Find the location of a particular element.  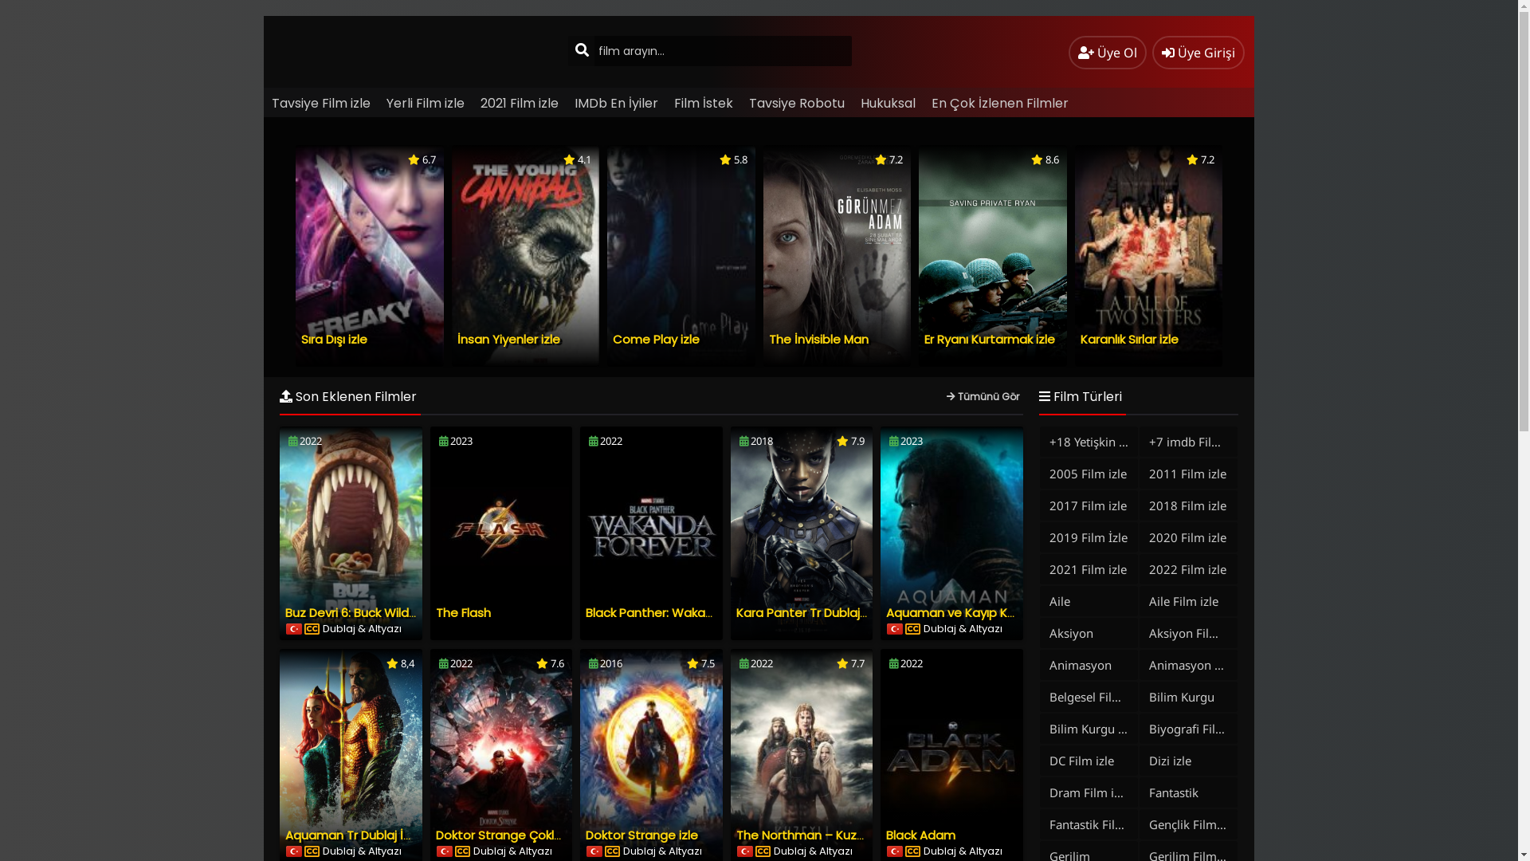

'2011 Film izle' is located at coordinates (1188, 473).